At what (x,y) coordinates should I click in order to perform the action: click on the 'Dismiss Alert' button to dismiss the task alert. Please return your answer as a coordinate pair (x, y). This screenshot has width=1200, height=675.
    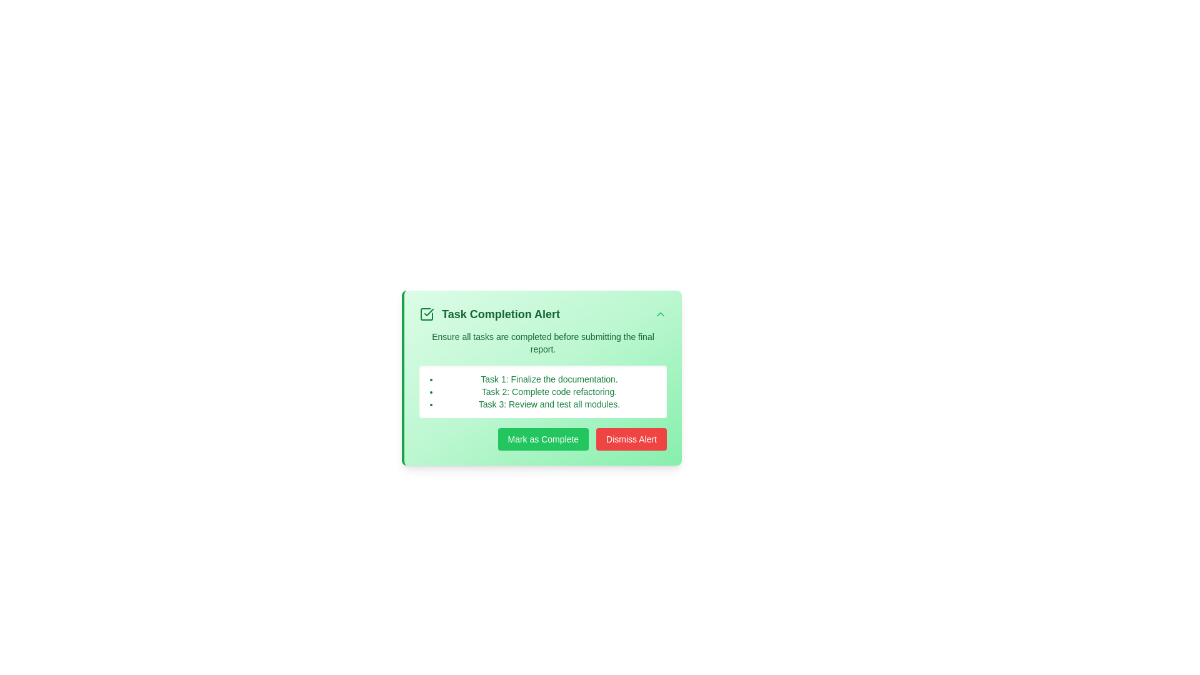
    Looking at the image, I should click on (631, 438).